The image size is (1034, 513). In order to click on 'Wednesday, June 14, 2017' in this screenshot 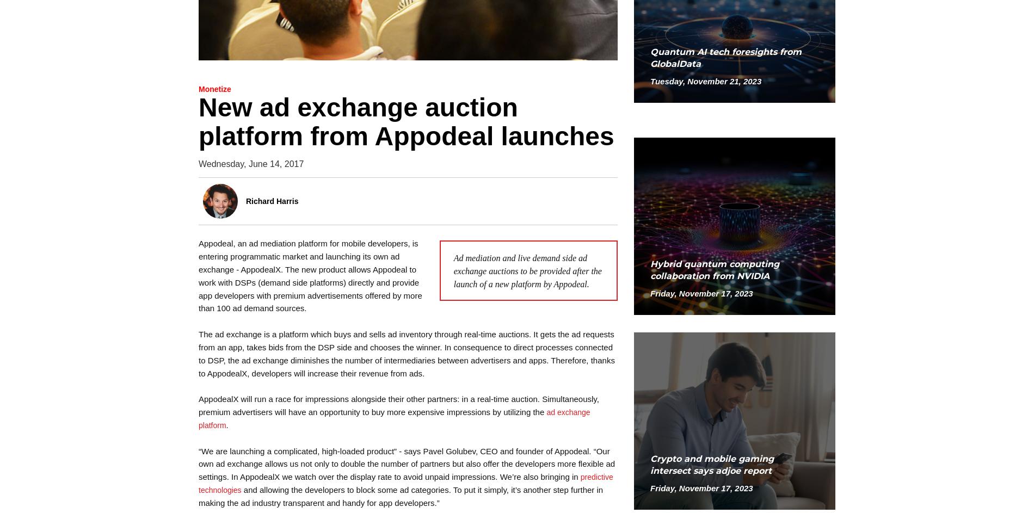, I will do `click(250, 163)`.